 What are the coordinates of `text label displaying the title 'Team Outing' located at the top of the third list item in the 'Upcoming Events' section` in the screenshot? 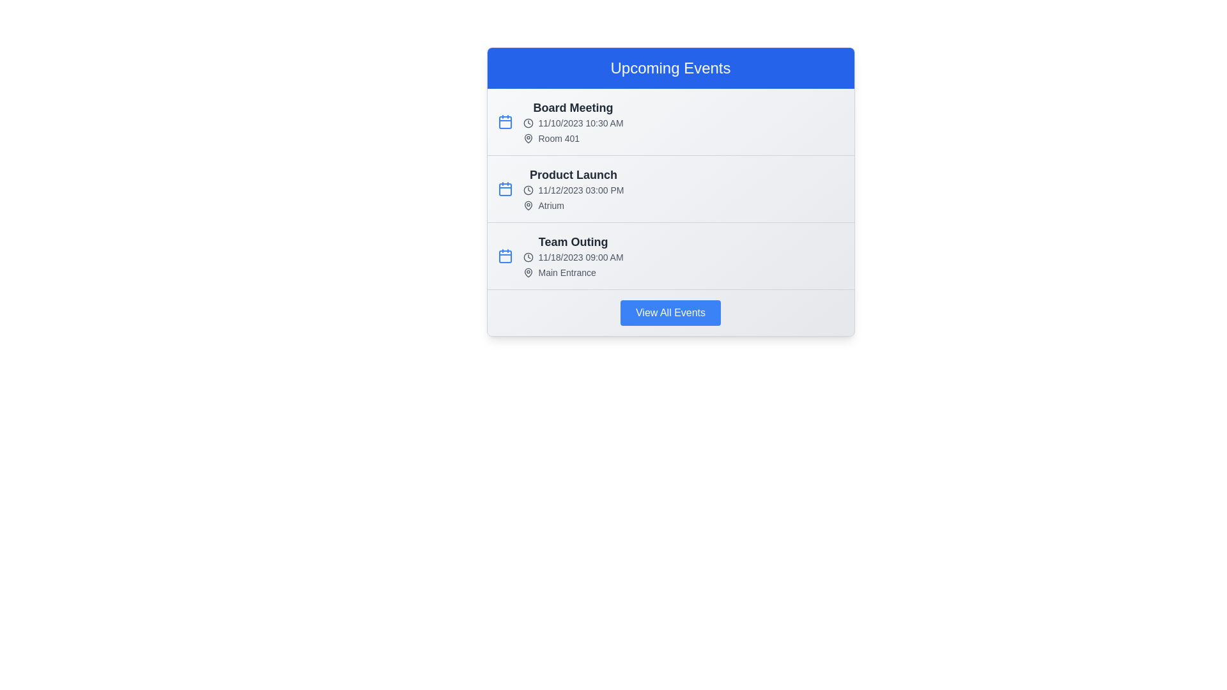 It's located at (573, 241).